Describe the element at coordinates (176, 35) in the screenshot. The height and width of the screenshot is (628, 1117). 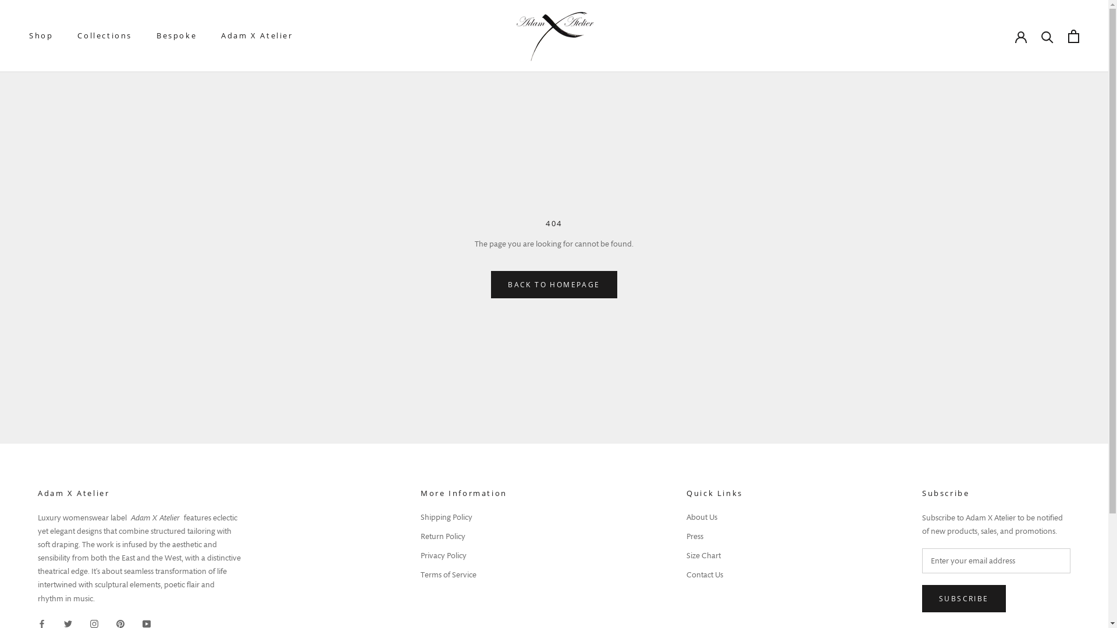
I see `'Bespoke` at that location.